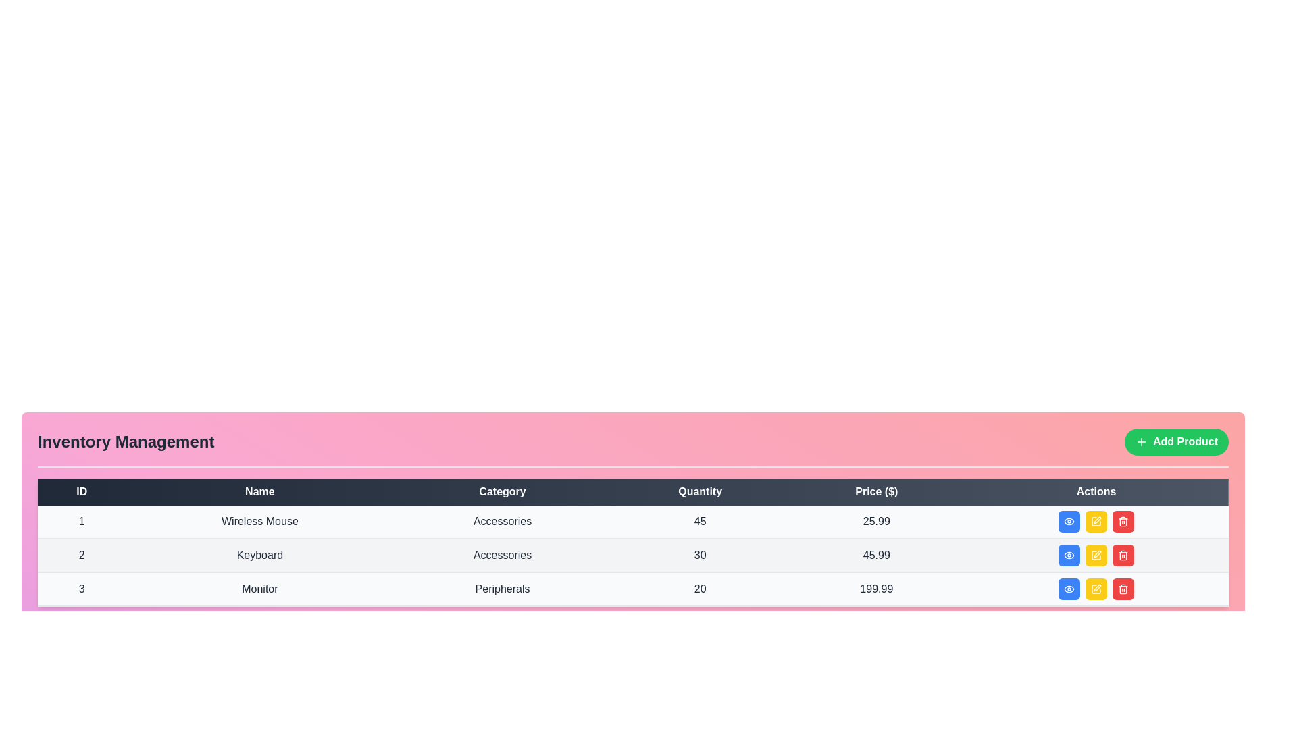  What do you see at coordinates (259, 492) in the screenshot?
I see `the 'Name' header label in the table, which is the second entry in the row of column headers, positioned between the 'ID' and 'Category' headers` at bounding box center [259, 492].